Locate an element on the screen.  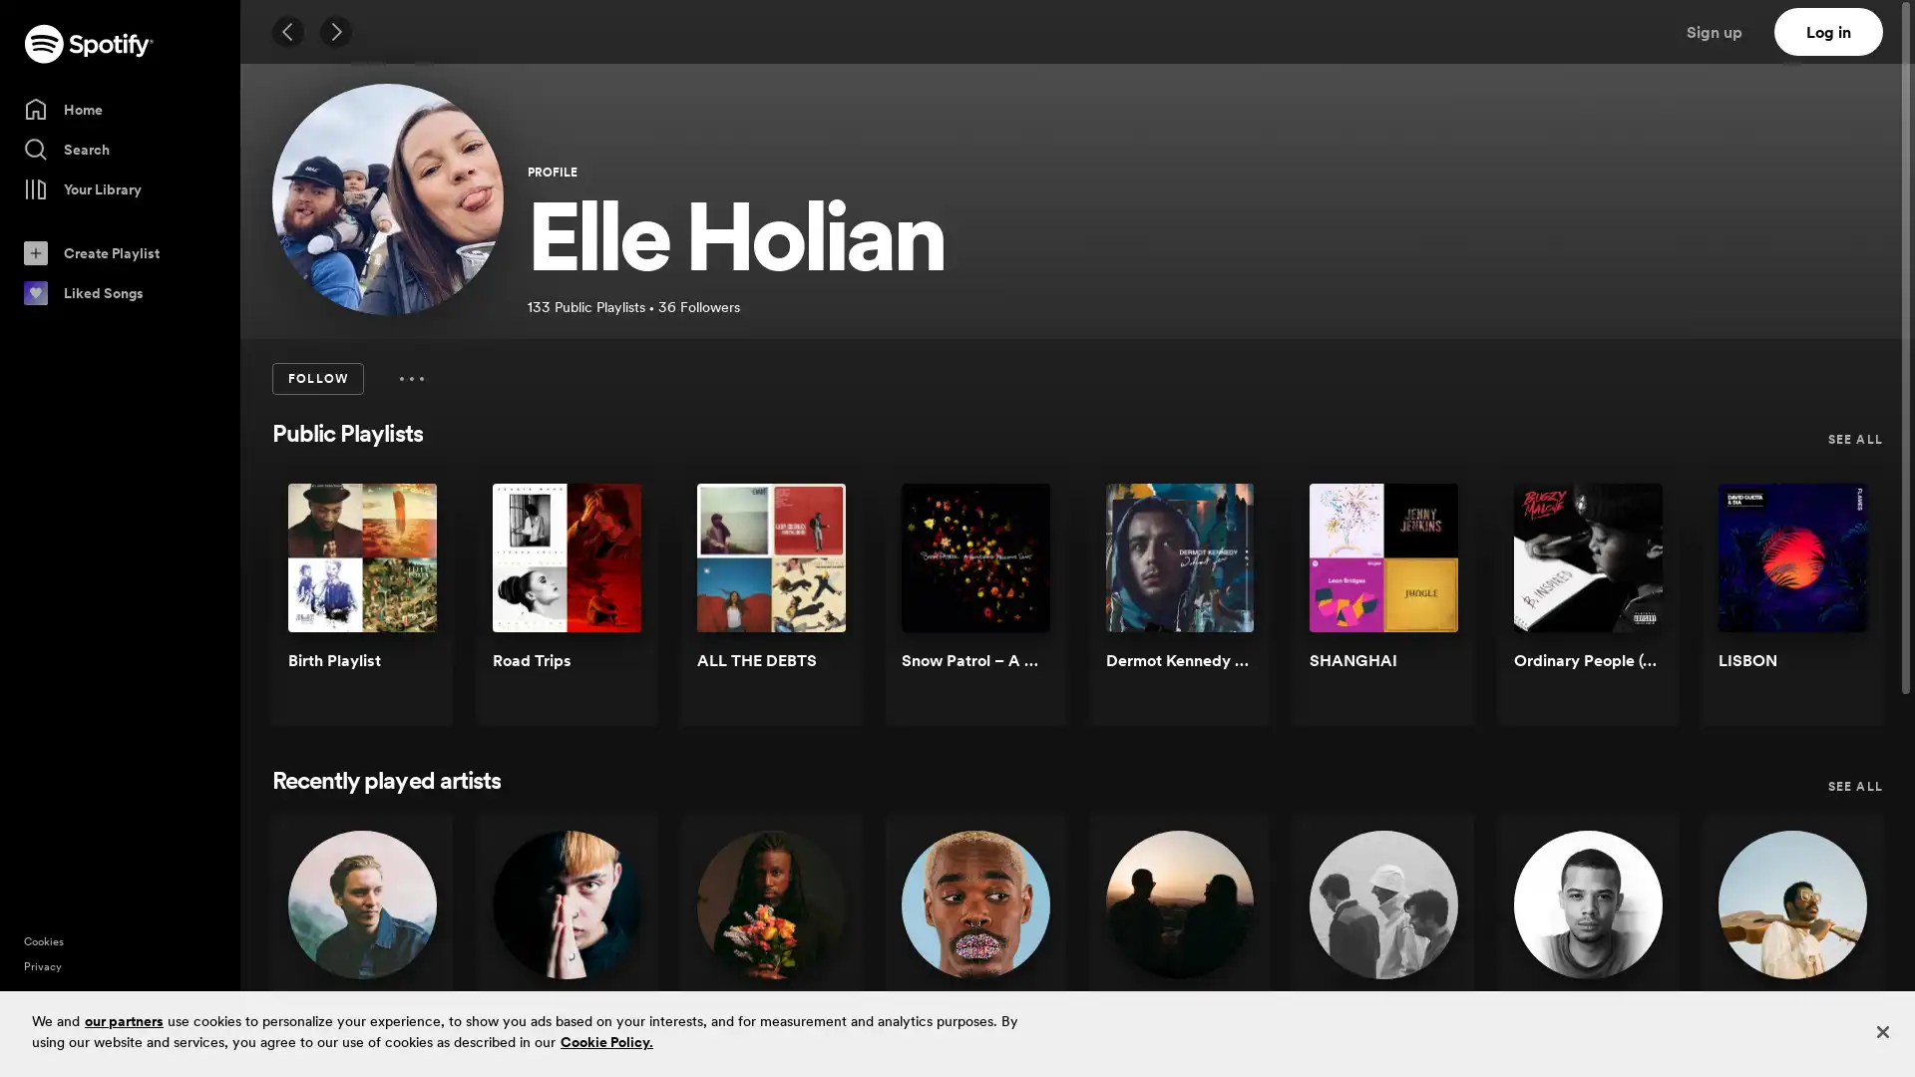
Play Aaron Taylor is located at coordinates (813, 952).